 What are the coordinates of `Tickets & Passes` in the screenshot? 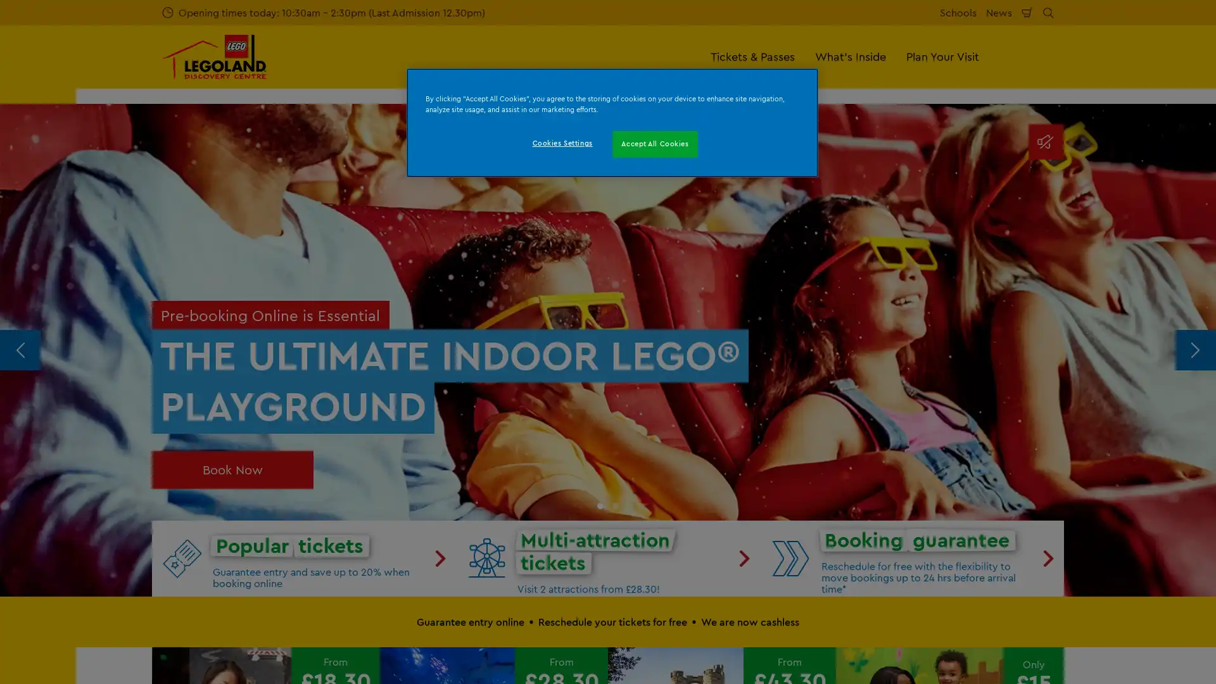 It's located at (752, 56).